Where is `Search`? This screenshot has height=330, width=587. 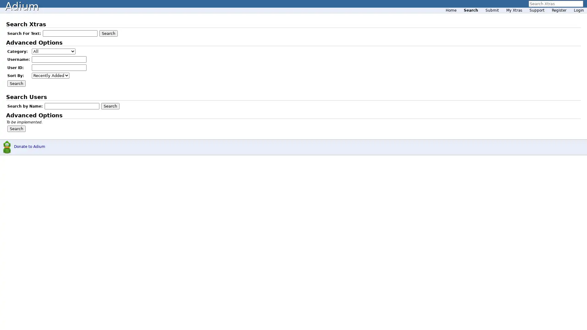
Search is located at coordinates (16, 128).